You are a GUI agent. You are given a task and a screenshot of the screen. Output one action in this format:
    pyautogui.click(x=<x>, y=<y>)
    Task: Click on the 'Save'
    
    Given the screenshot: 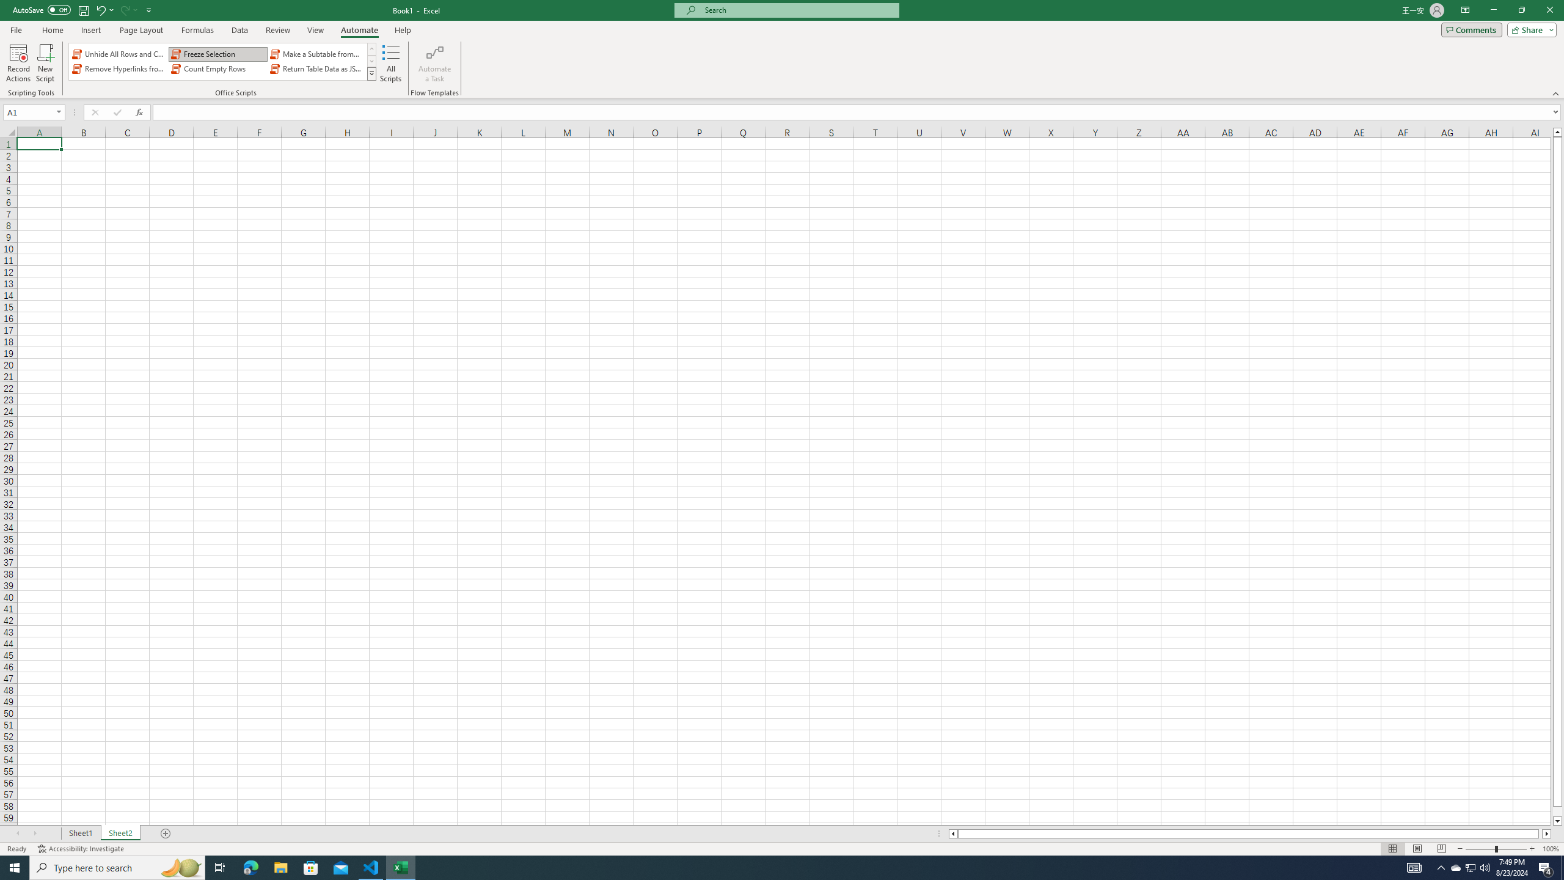 What is the action you would take?
    pyautogui.click(x=82, y=9)
    